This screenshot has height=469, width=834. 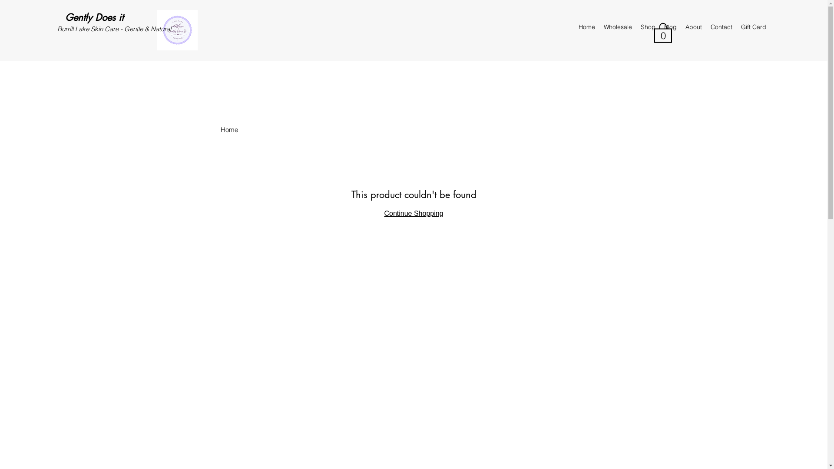 I want to click on 'Continue Shopping', so click(x=413, y=213).